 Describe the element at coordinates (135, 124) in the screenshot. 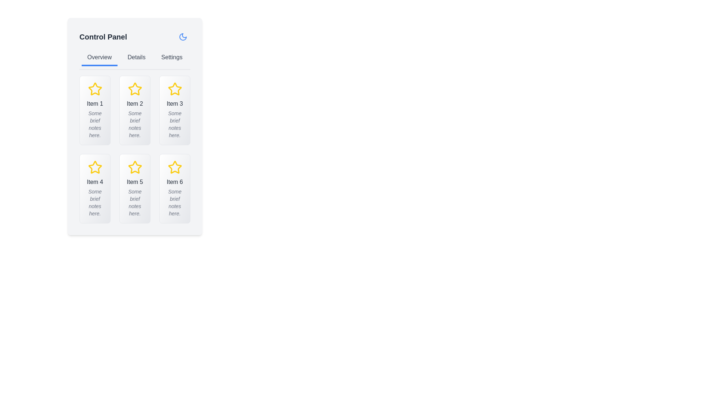

I see `the static text providing additional information related to 'Item 2', located directly below the title within the second tile of a grid layout` at that location.